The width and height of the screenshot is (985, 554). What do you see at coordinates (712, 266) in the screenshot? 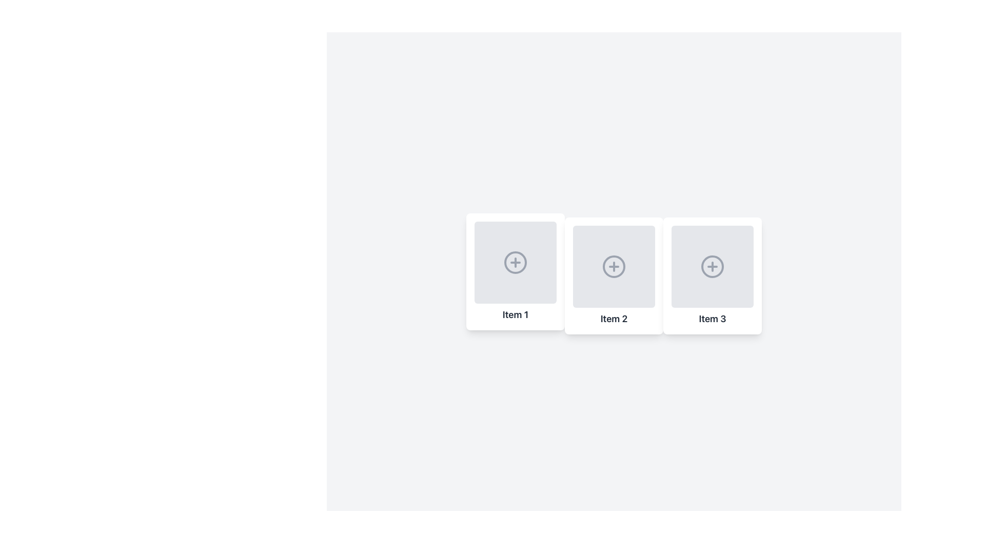
I see `the circular icon with a plus sign in the center of the 'Item 3' card` at bounding box center [712, 266].